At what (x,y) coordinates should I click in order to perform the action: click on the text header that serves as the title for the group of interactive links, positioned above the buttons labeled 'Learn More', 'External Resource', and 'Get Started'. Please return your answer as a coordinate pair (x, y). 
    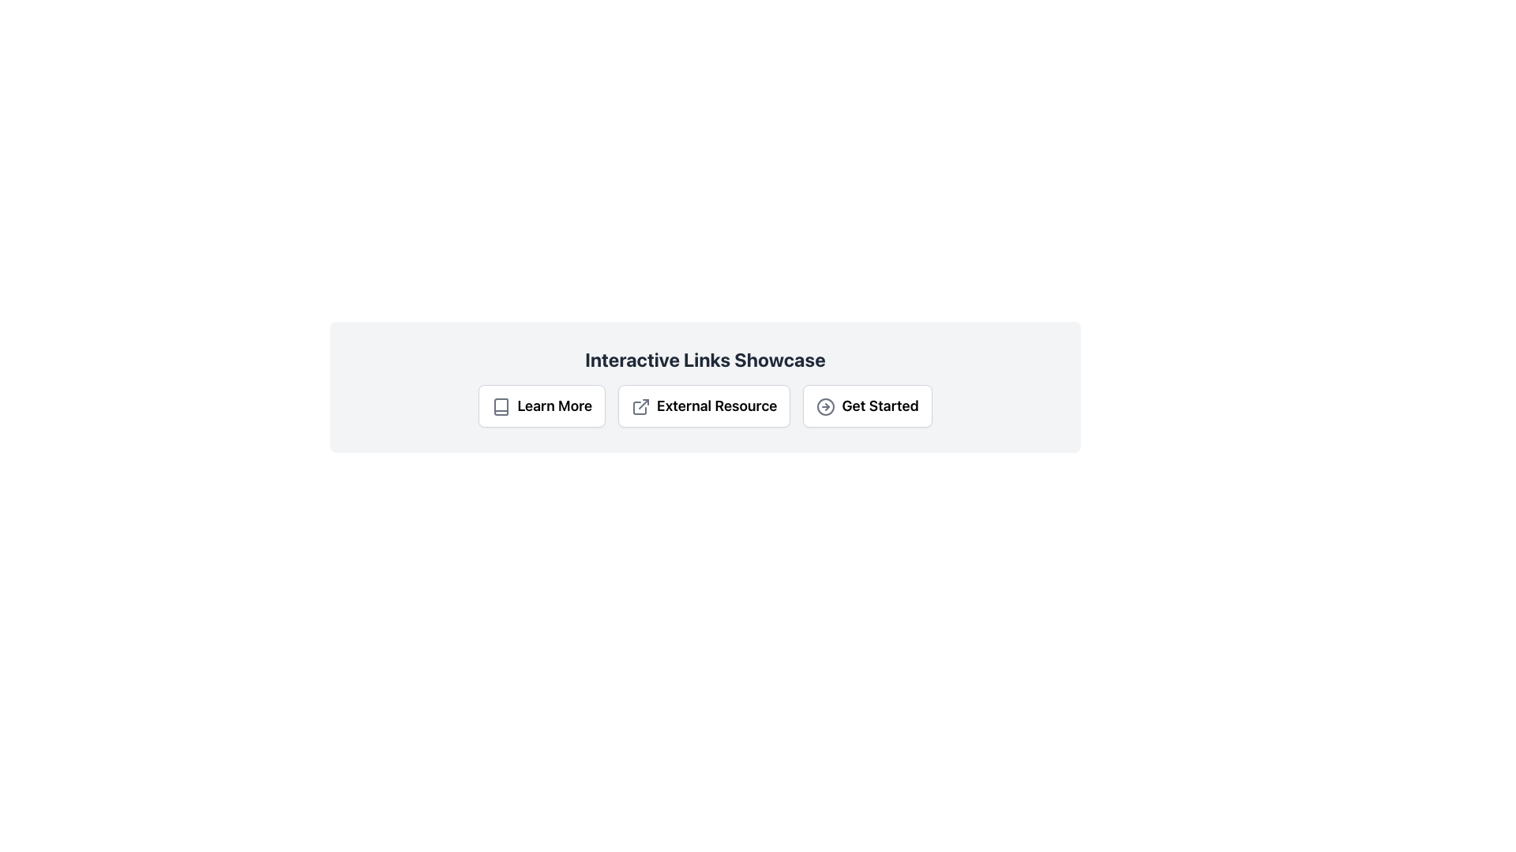
    Looking at the image, I should click on (704, 359).